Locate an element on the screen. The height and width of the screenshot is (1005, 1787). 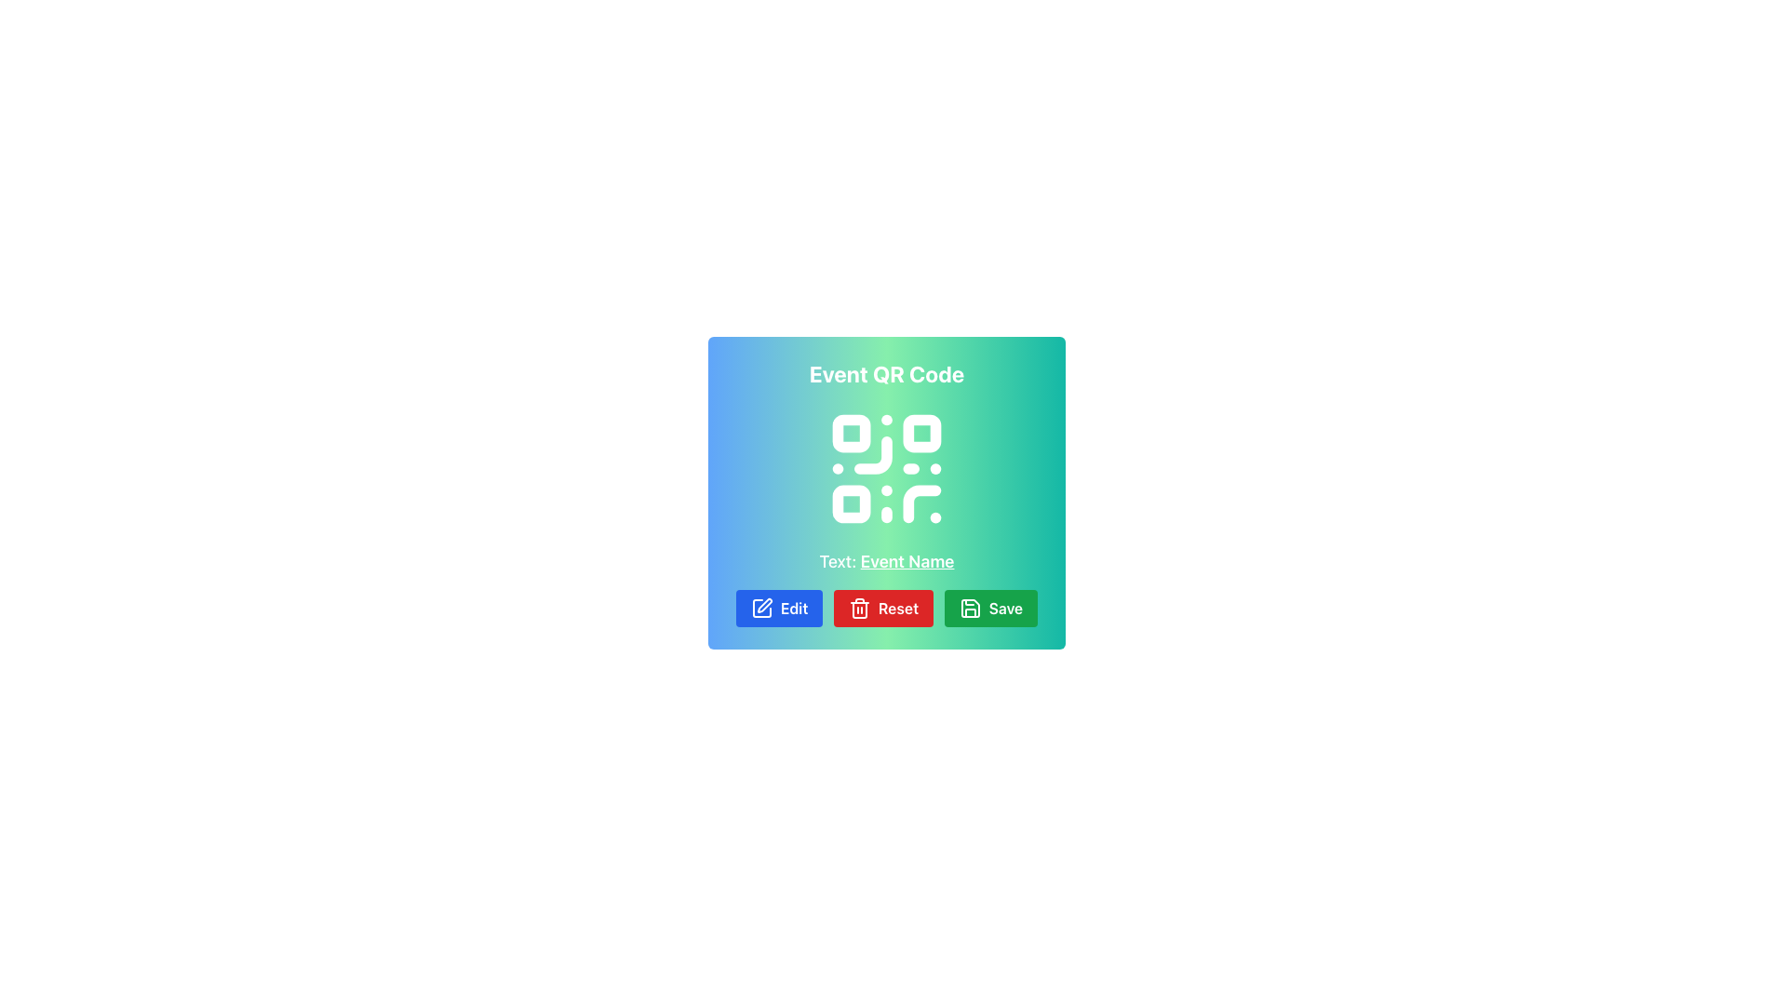
the edit icon located in the left section of the small icon group above the buttons labeled 'Edit', 'Reset', and 'Save' is located at coordinates (764, 606).